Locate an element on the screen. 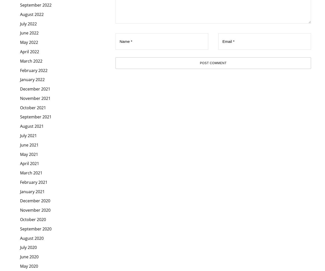 This screenshot has width=325, height=271. 'October 2021' is located at coordinates (33, 107).